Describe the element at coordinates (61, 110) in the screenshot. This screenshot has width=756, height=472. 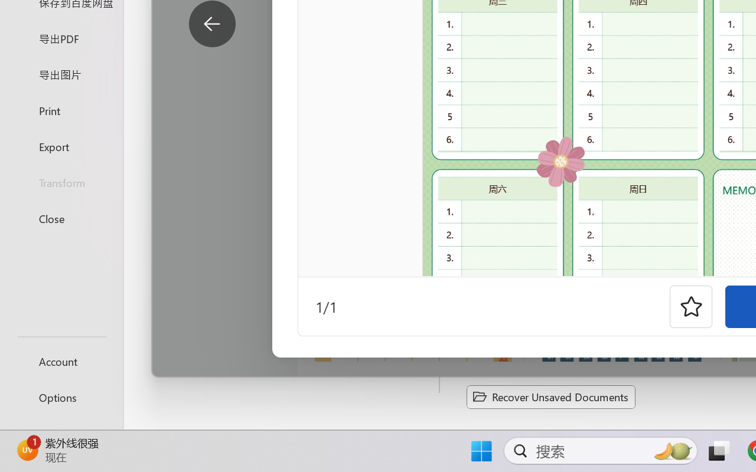
I see `'Print'` at that location.